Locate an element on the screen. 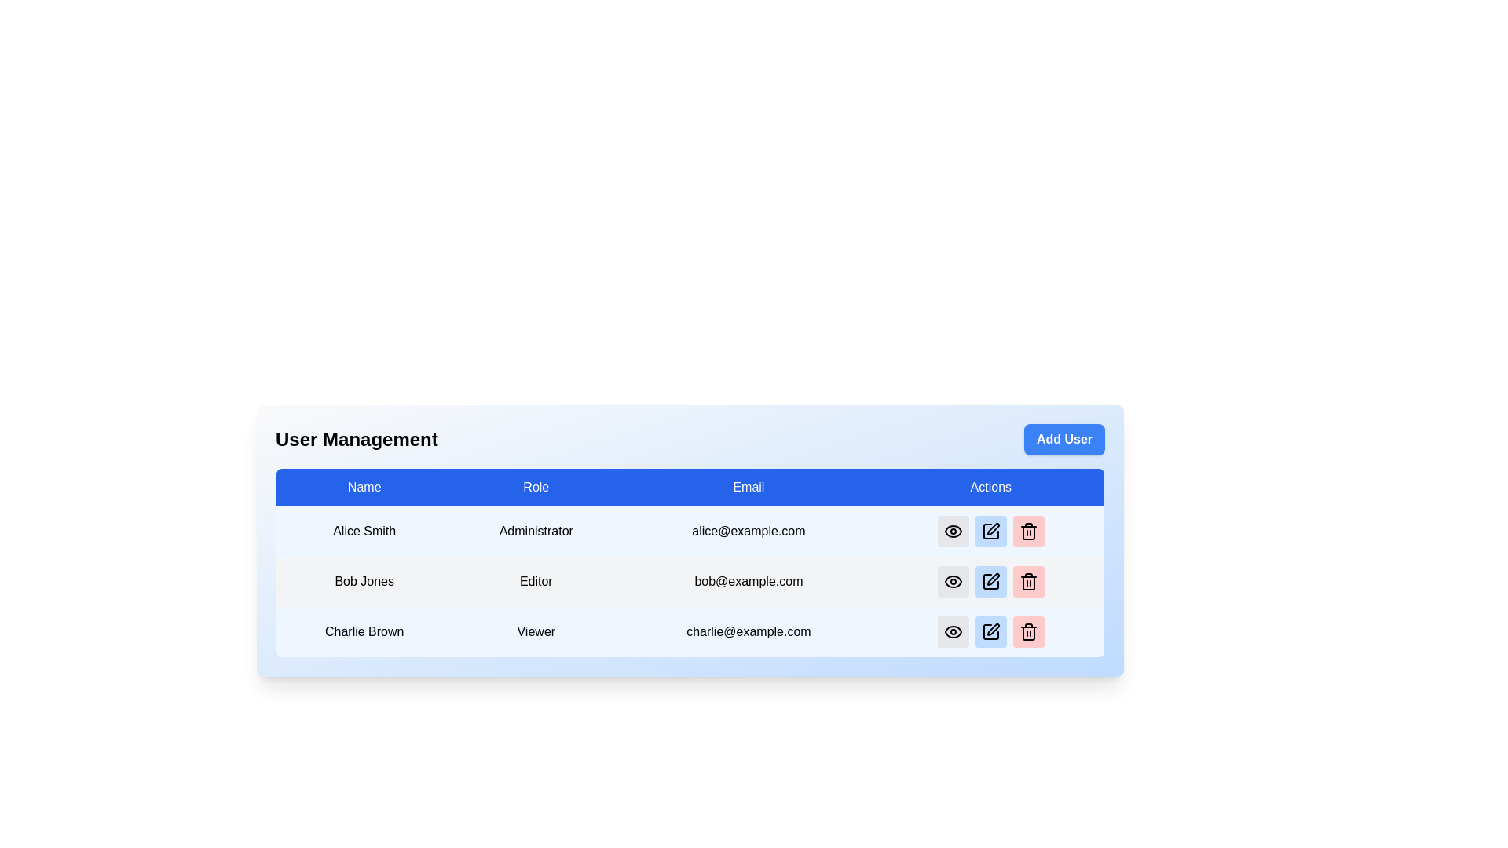 This screenshot has width=1508, height=848. the pen icon representing an edit action located in the 'Actions' column for the user 'Alice Smith' is located at coordinates (992, 529).